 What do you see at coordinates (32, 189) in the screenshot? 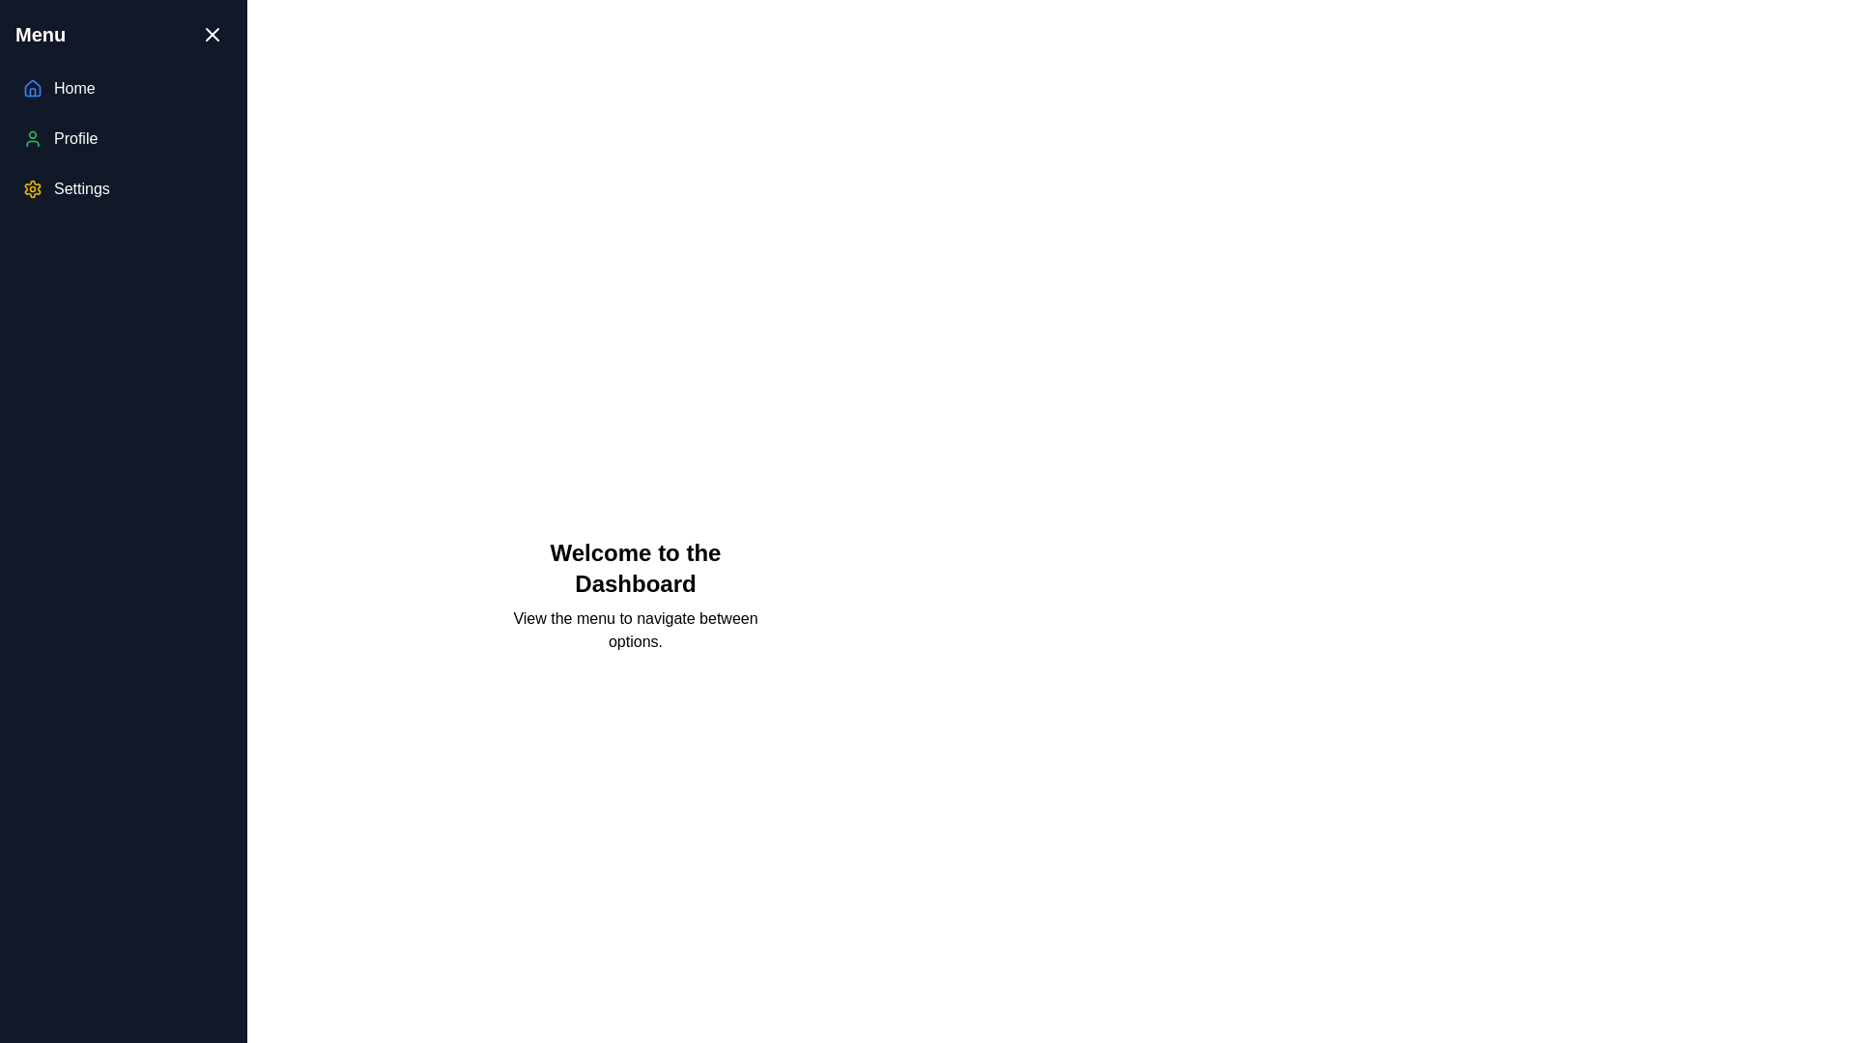
I see `the SVG icon representing the 'Settings' menu option located in the sidebar, positioned left of the 'Settings' text label` at bounding box center [32, 189].